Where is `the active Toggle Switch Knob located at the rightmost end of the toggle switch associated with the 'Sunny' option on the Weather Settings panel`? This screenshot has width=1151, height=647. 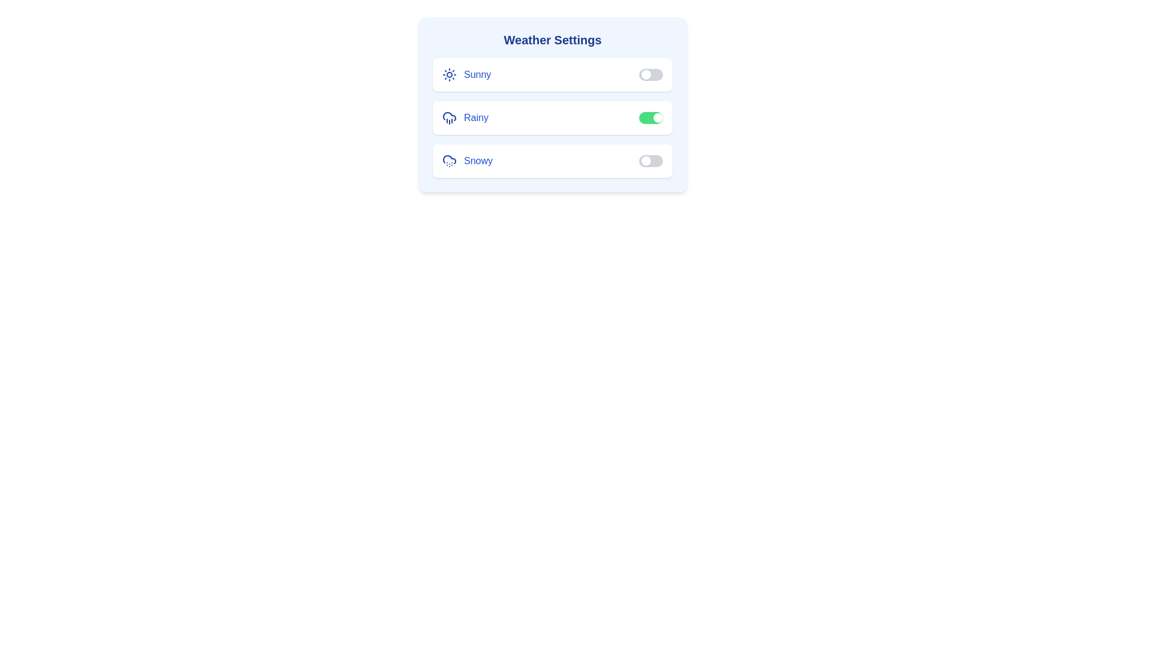 the active Toggle Switch Knob located at the rightmost end of the toggle switch associated with the 'Sunny' option on the Weather Settings panel is located at coordinates (646, 74).